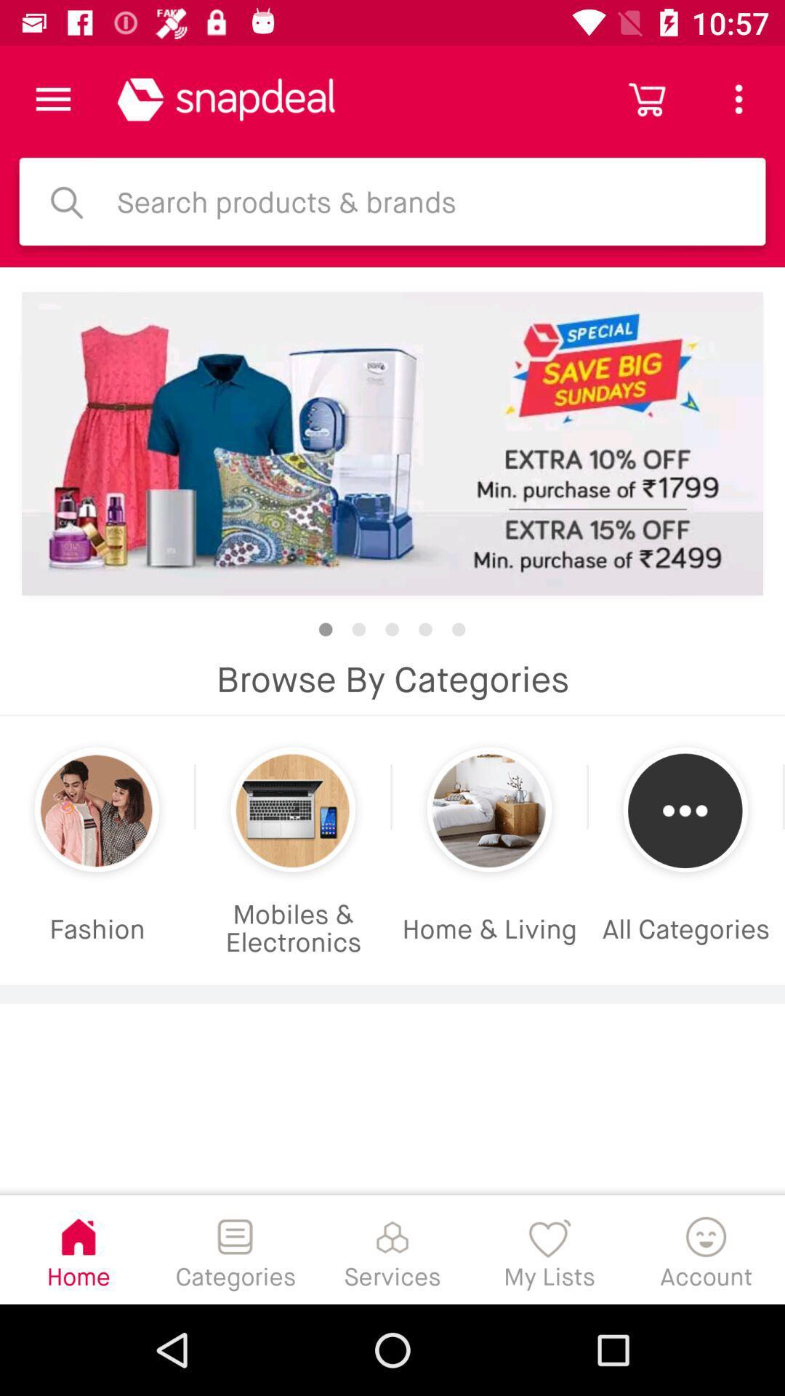  I want to click on item next to the services icon, so click(549, 1248).